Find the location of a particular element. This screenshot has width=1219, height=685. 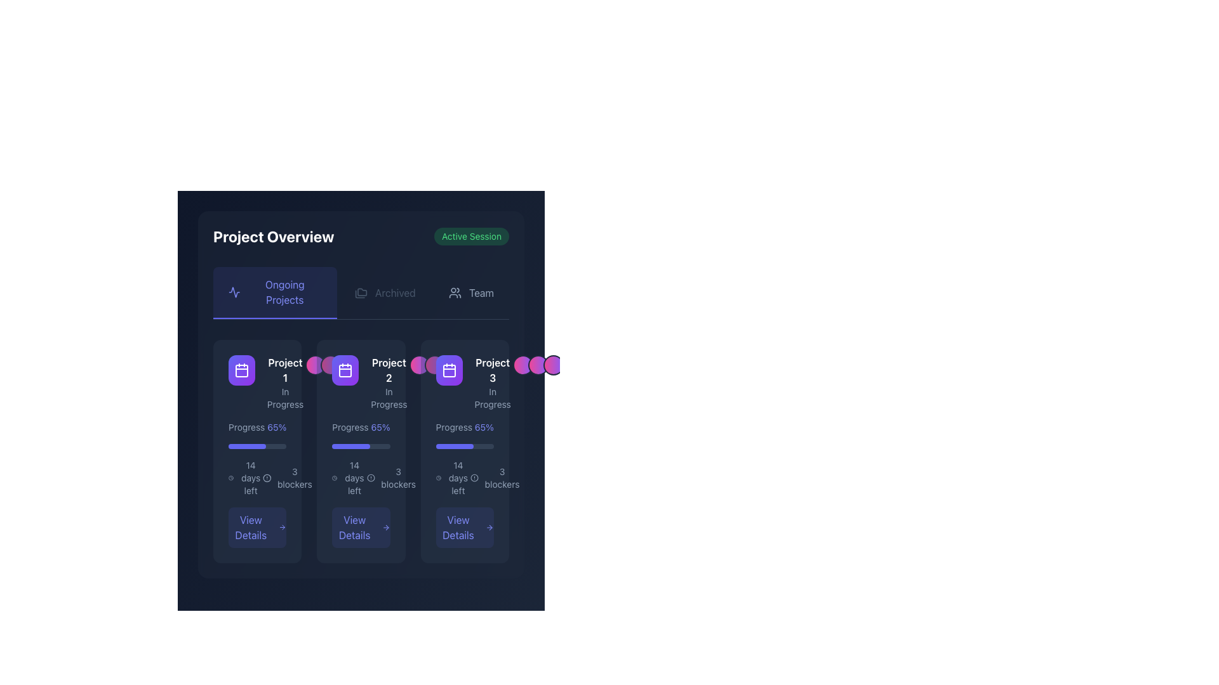

the static text label displaying 'Progress' in light grey color, located in the first card at the top left of the project progress grid is located at coordinates (246, 427).